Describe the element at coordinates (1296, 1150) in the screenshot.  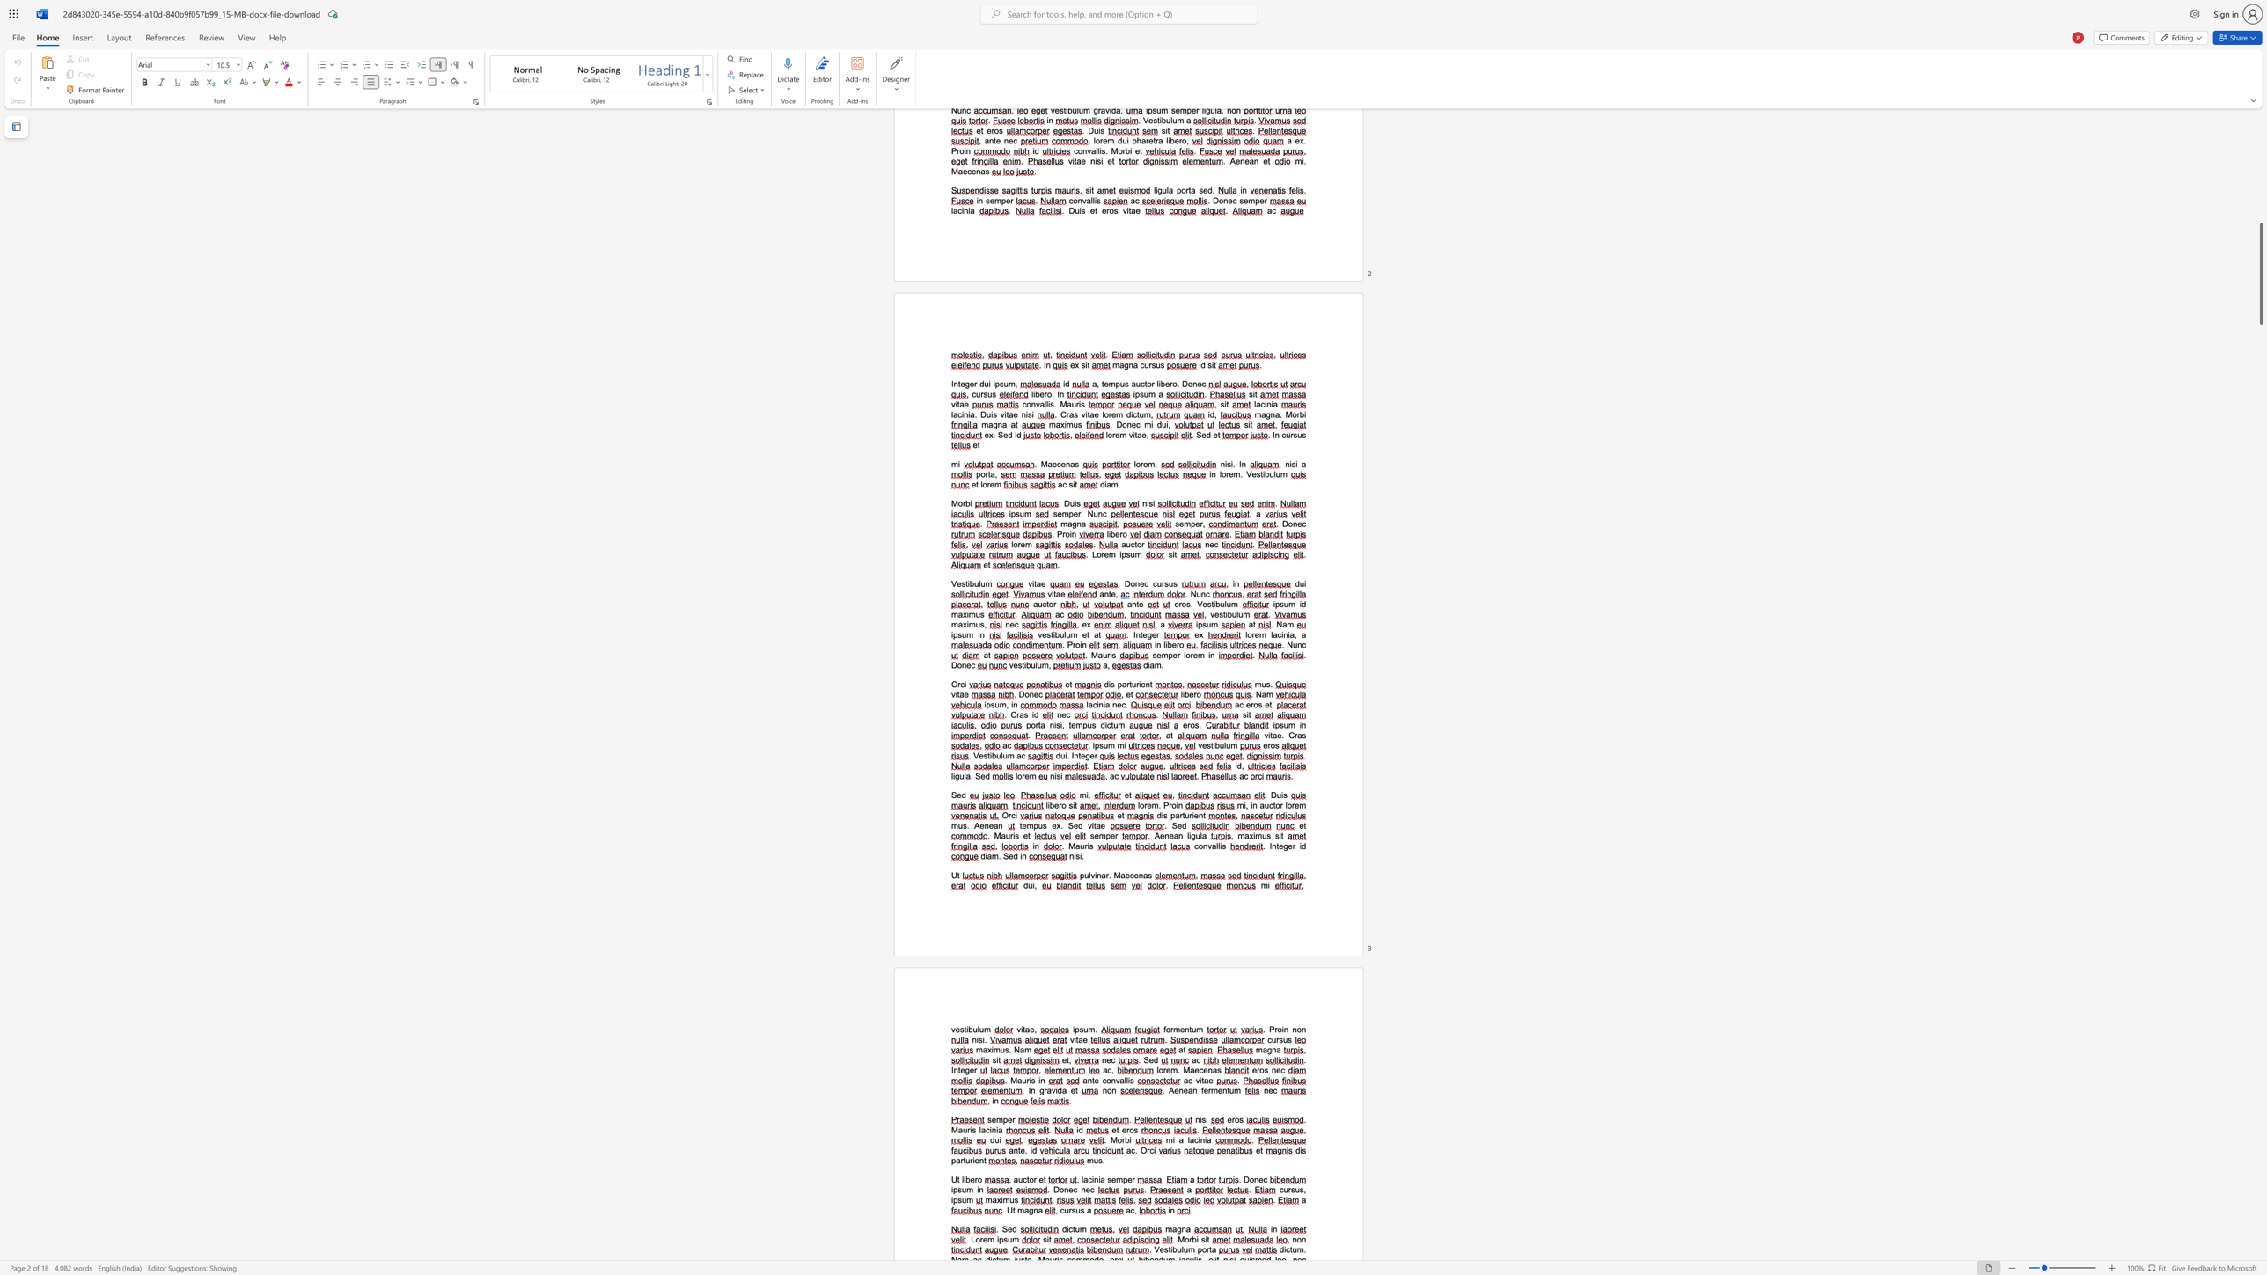
I see `the 1th character "d" in the text` at that location.